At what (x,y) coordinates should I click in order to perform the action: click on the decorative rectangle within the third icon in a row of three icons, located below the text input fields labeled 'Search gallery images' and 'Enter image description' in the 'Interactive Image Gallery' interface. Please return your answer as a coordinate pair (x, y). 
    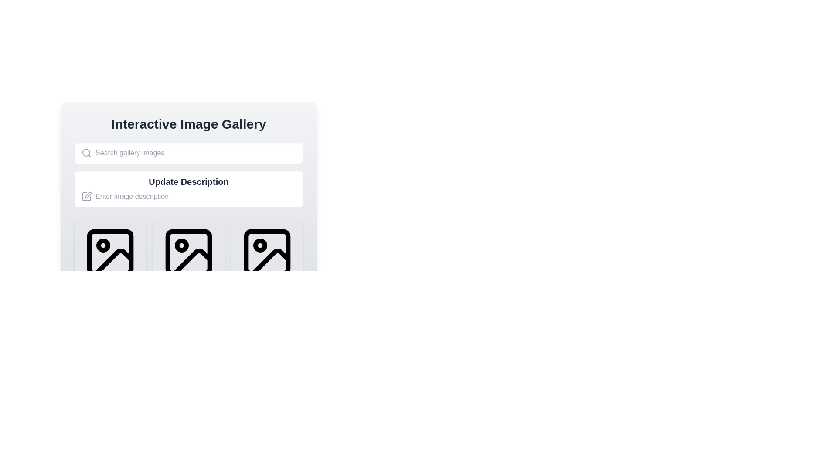
    Looking at the image, I should click on (267, 252).